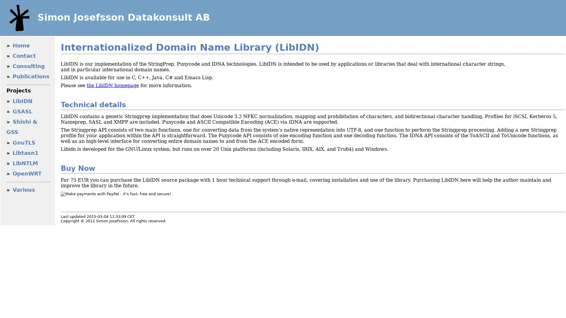  I want to click on Make payments with PayPal - its fast, free and secure!, so click(116, 194).